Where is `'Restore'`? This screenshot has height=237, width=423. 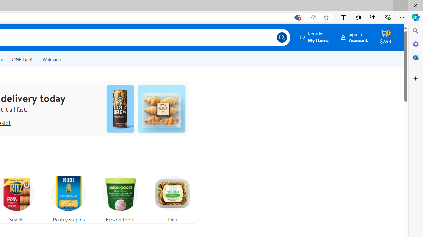 'Restore' is located at coordinates (400, 5).